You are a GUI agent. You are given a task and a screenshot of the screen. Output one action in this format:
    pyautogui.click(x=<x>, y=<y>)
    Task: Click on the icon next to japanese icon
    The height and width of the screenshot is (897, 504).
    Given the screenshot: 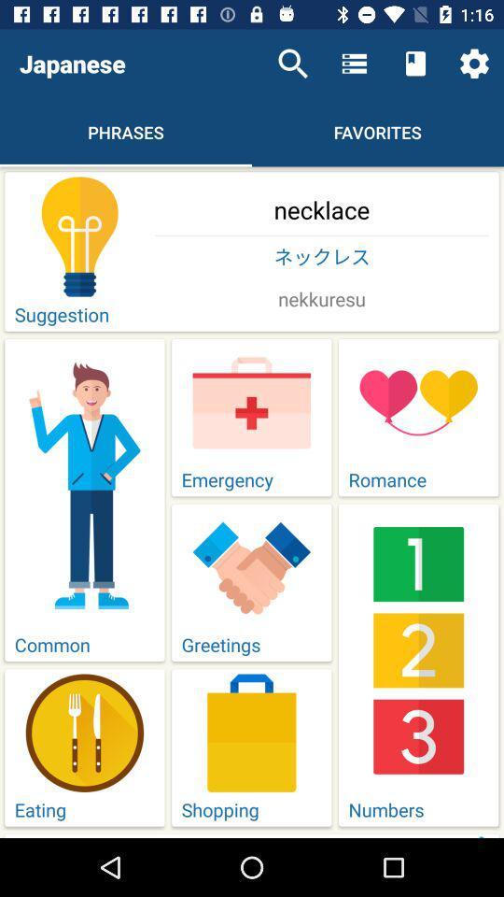 What is the action you would take?
    pyautogui.click(x=293, y=64)
    